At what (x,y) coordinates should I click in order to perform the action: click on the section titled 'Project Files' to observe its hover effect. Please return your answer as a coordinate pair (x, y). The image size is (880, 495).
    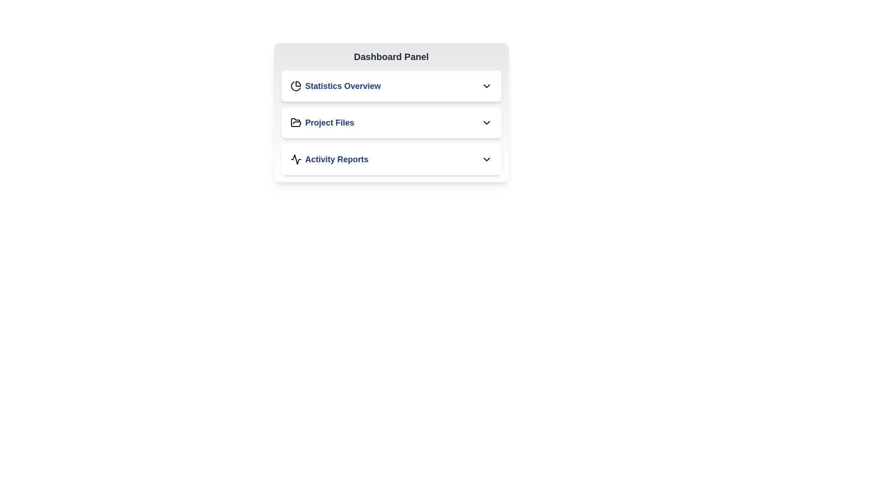
    Looking at the image, I should click on (391, 122).